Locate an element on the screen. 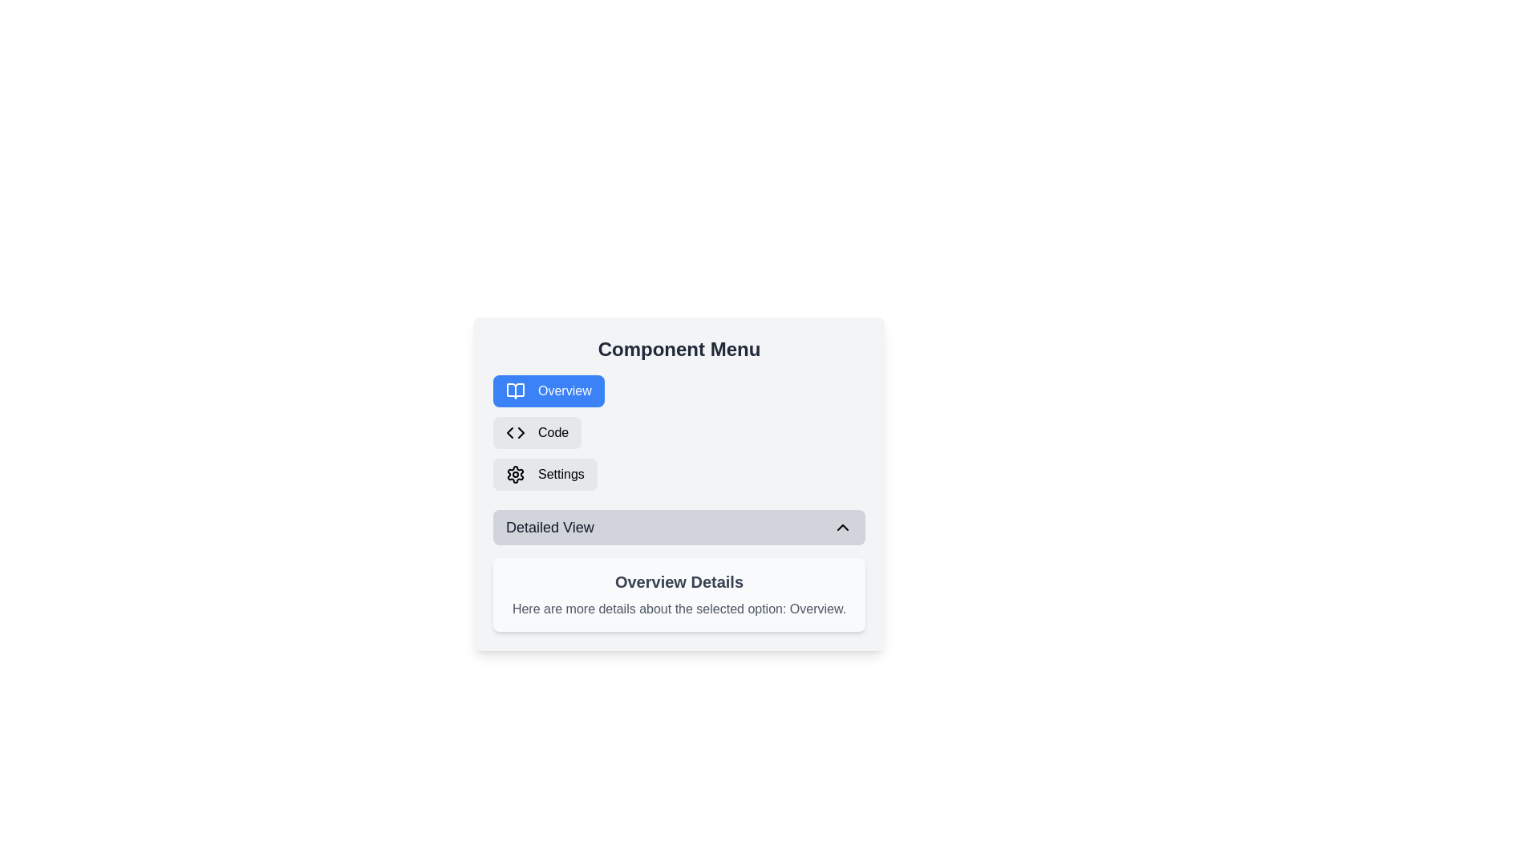  the open book icon located in the upper left area of the 'Component Menu' card is located at coordinates (516, 391).